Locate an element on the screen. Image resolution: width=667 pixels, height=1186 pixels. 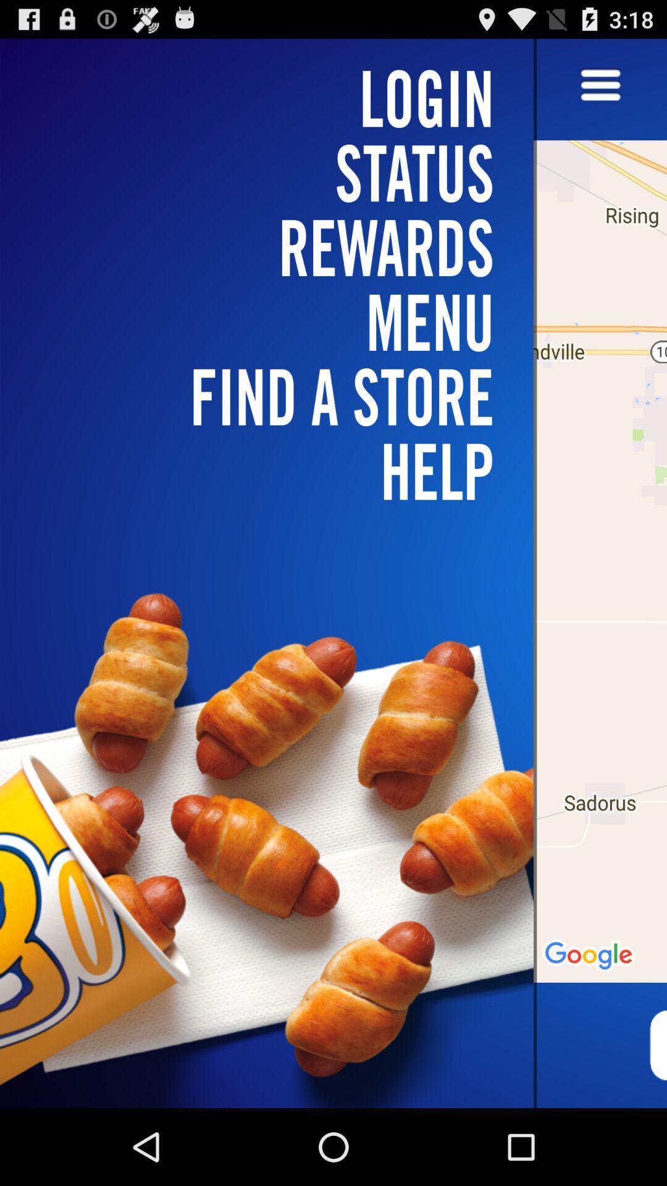
look at the map is located at coordinates (600, 573).